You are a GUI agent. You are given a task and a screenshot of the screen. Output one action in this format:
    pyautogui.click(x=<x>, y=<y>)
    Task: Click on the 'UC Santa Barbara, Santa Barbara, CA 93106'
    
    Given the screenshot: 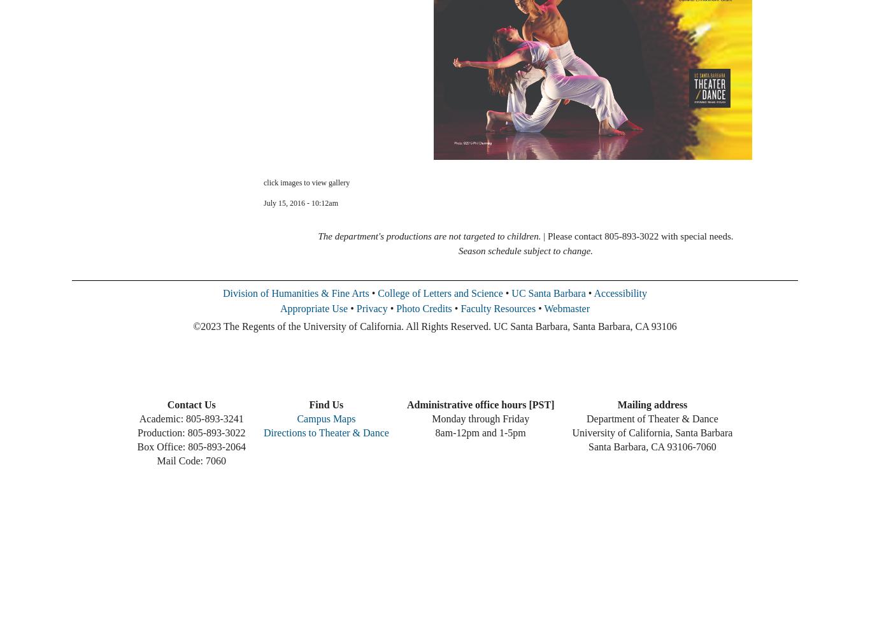 What is the action you would take?
    pyautogui.click(x=584, y=326)
    